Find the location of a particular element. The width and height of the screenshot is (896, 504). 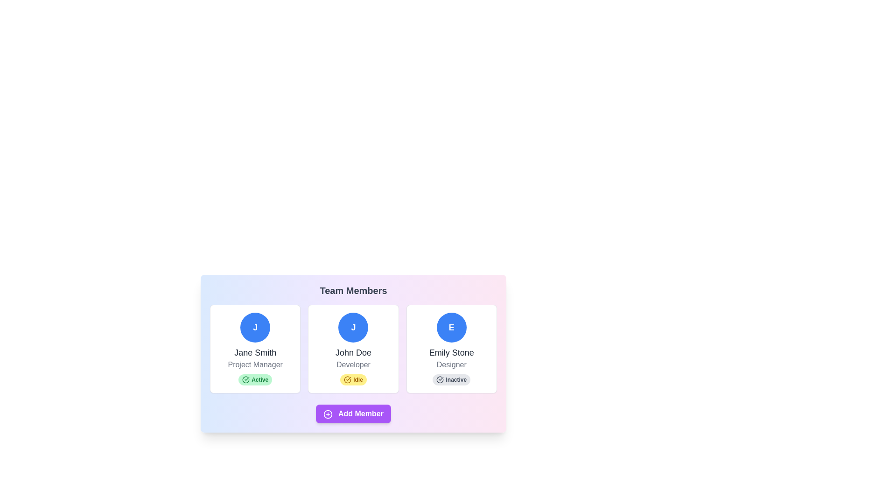

the 'Team Members' label, which is a large, bold text in dark gray color located at the top of the team member information grid is located at coordinates (353, 290).